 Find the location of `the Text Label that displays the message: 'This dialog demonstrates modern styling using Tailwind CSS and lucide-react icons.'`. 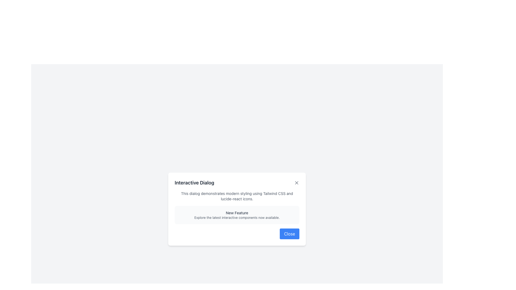

the Text Label that displays the message: 'This dialog demonstrates modern styling using Tailwind CSS and lucide-react icons.' is located at coordinates (237, 196).